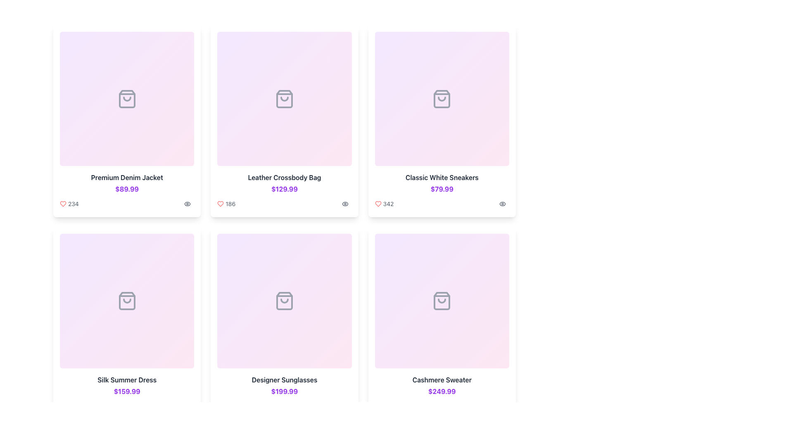 The height and width of the screenshot is (446, 793). Describe the element at coordinates (126, 301) in the screenshot. I see `the shopping cart icon located in the second row, first column of the grid layout, centered within the card for 'Silk Summer Dress'` at that location.